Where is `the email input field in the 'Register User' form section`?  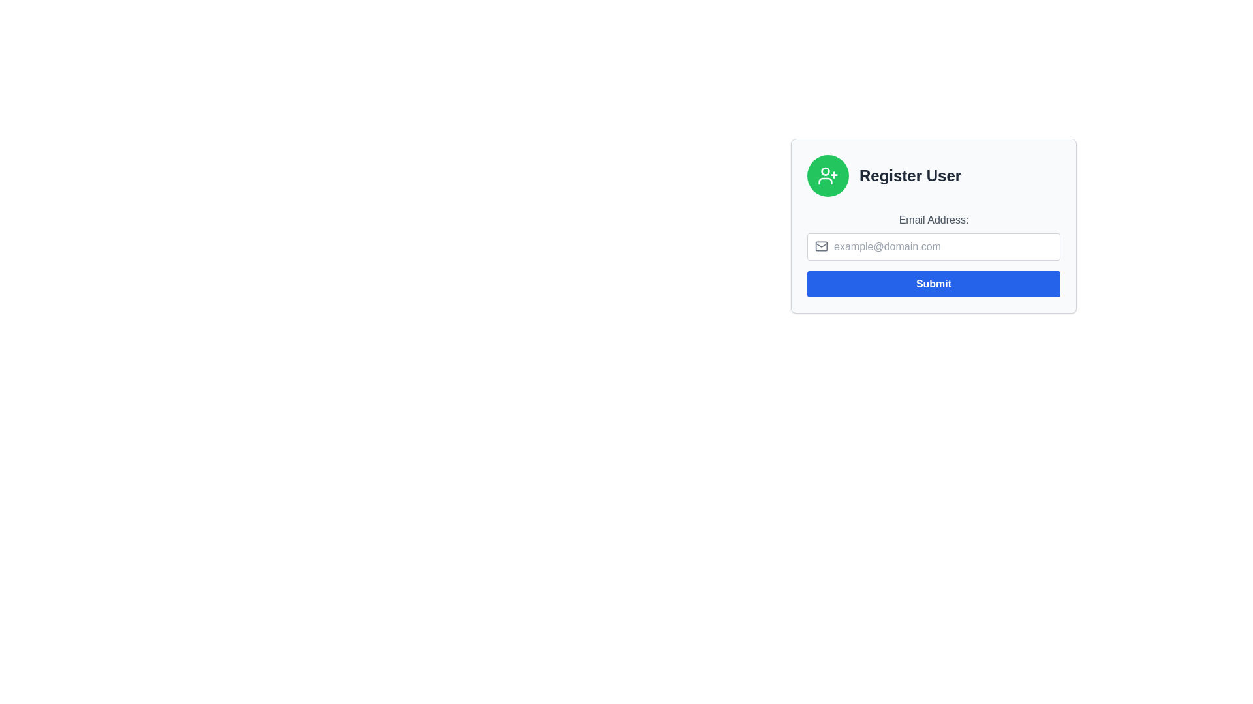
the email input field in the 'Register User' form section is located at coordinates (933, 254).